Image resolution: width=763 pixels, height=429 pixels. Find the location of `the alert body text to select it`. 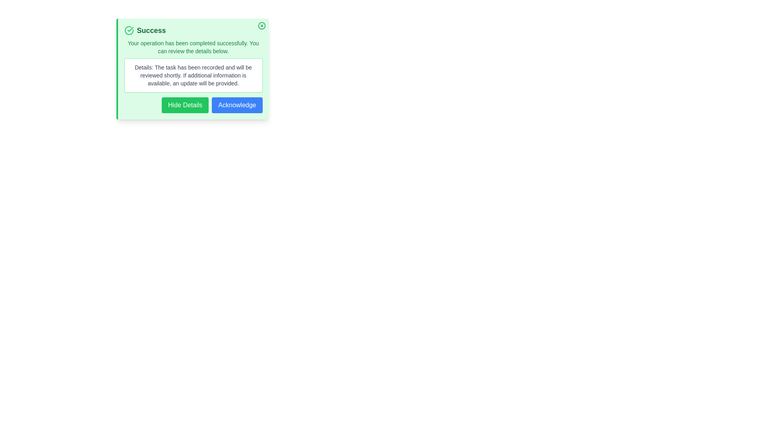

the alert body text to select it is located at coordinates (193, 47).